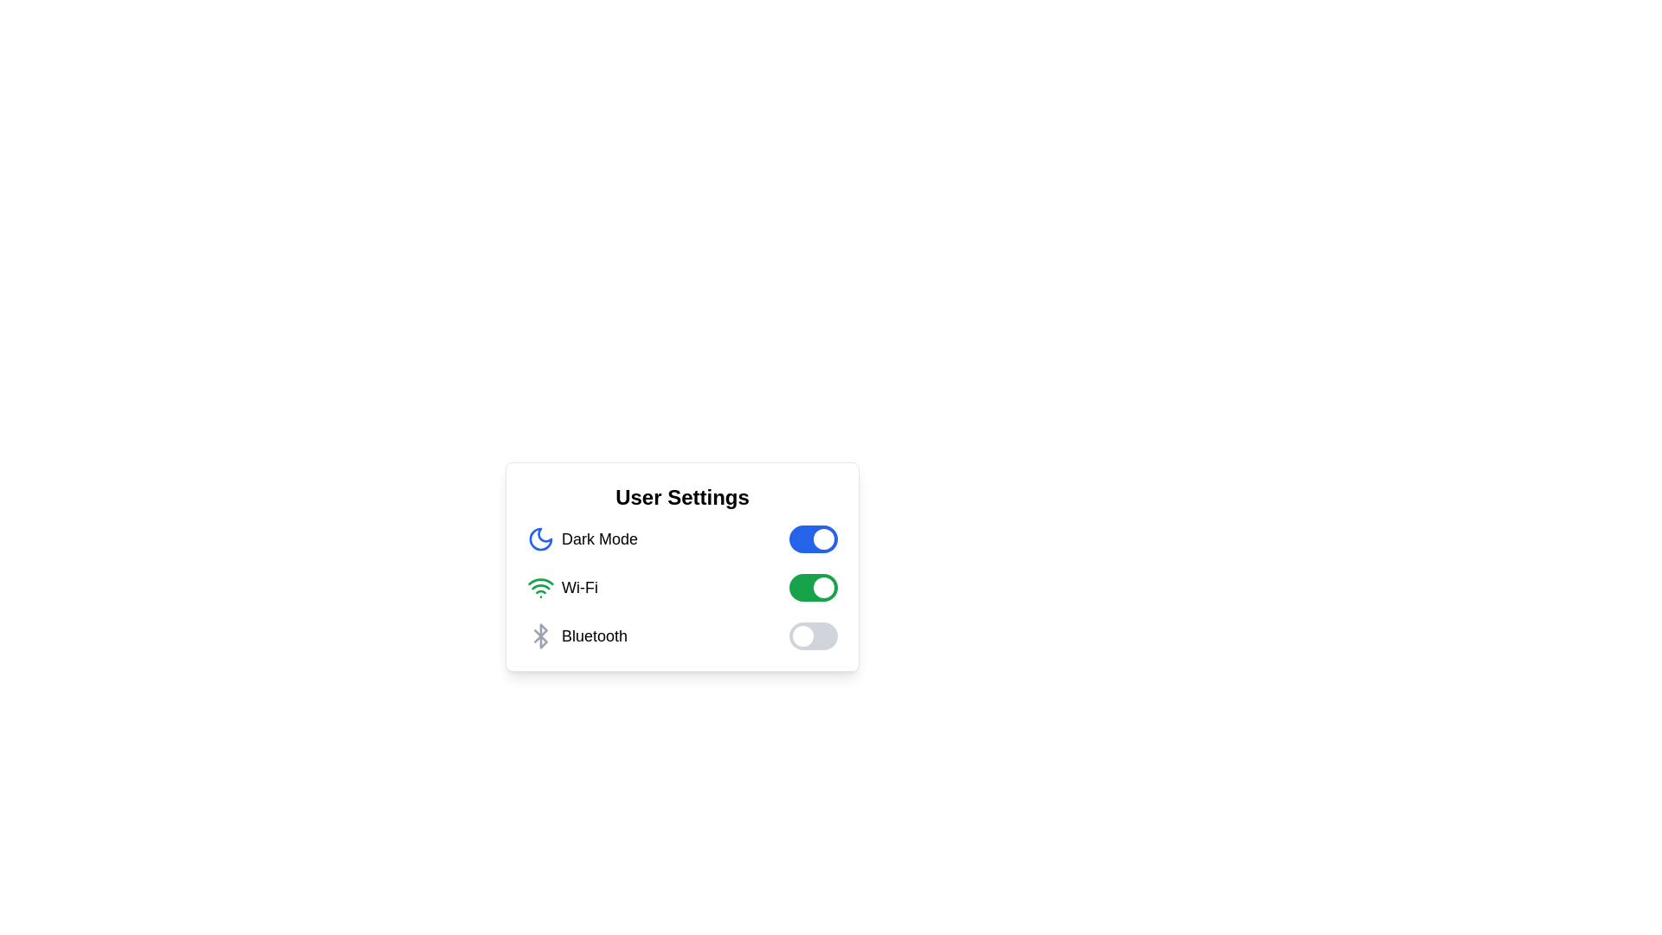  What do you see at coordinates (539, 636) in the screenshot?
I see `the Bluetooth icon in the User Settings panel, which is a light gray graphical representation of a Bluetooth logo, positioned below the Wi-Fi icon and above the Bluetooth toggle button` at bounding box center [539, 636].